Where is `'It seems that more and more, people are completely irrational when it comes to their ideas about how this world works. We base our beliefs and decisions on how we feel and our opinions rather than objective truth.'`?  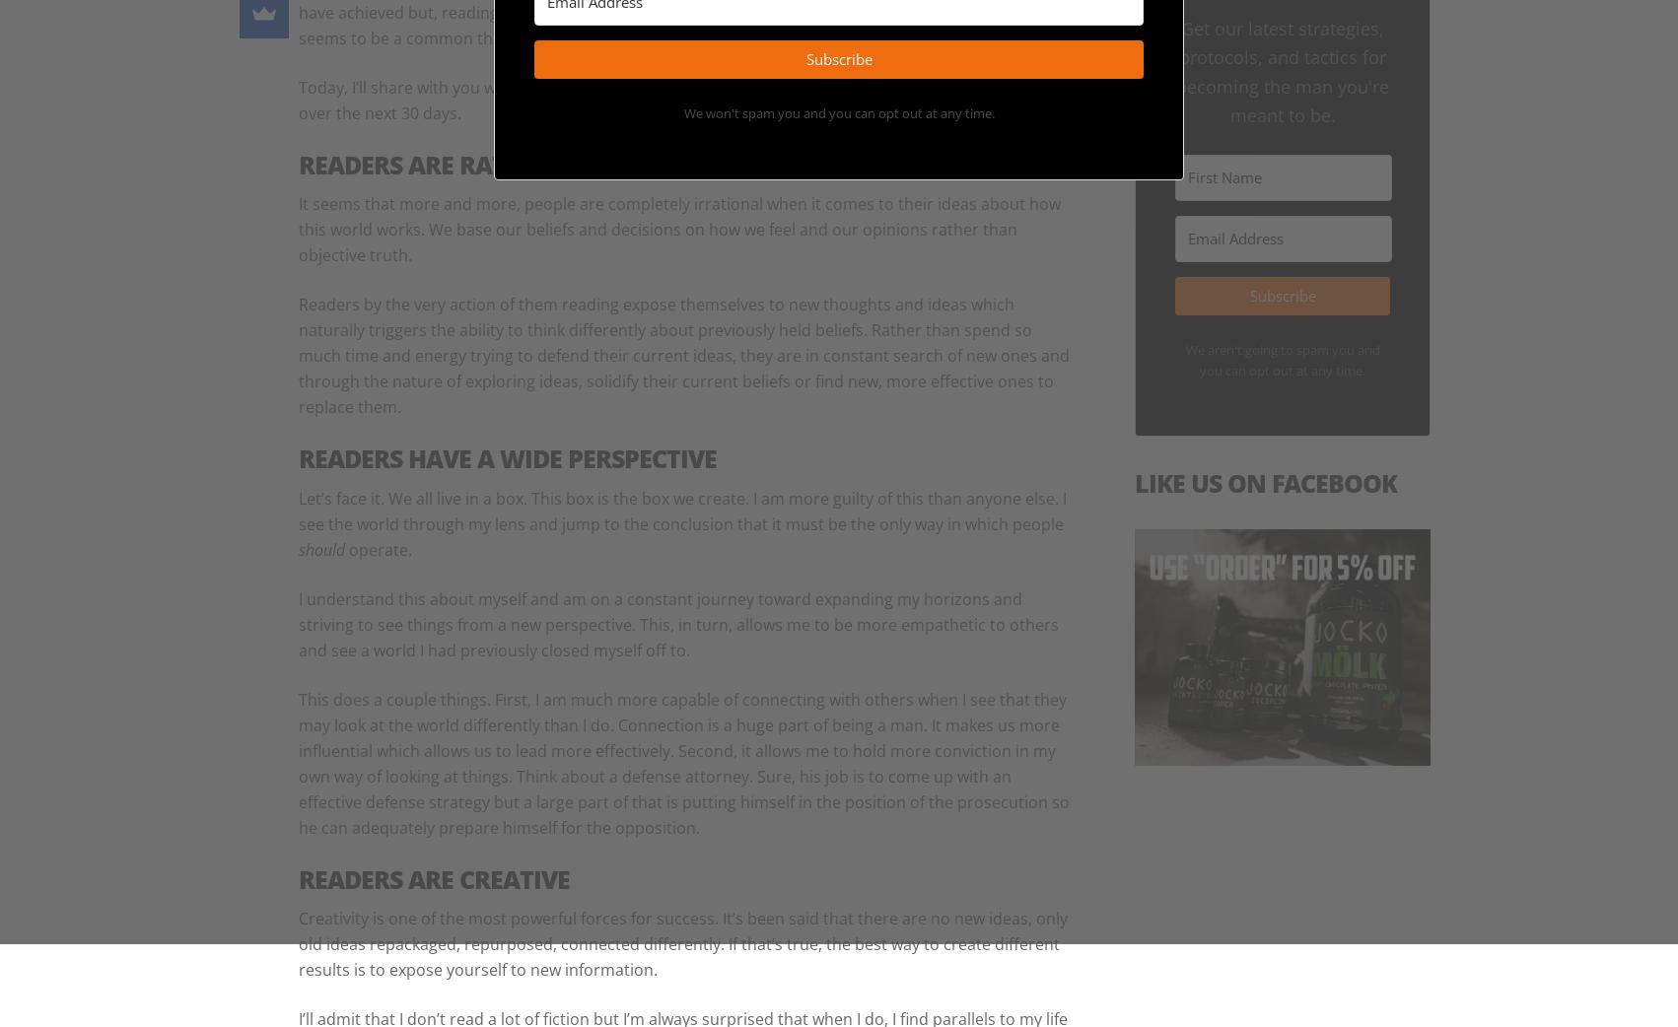
'It seems that more and more, people are completely irrational when it comes to their ideas about how this world works. We base our beliefs and decisions on how we feel and our opinions rather than objective truth.' is located at coordinates (679, 228).